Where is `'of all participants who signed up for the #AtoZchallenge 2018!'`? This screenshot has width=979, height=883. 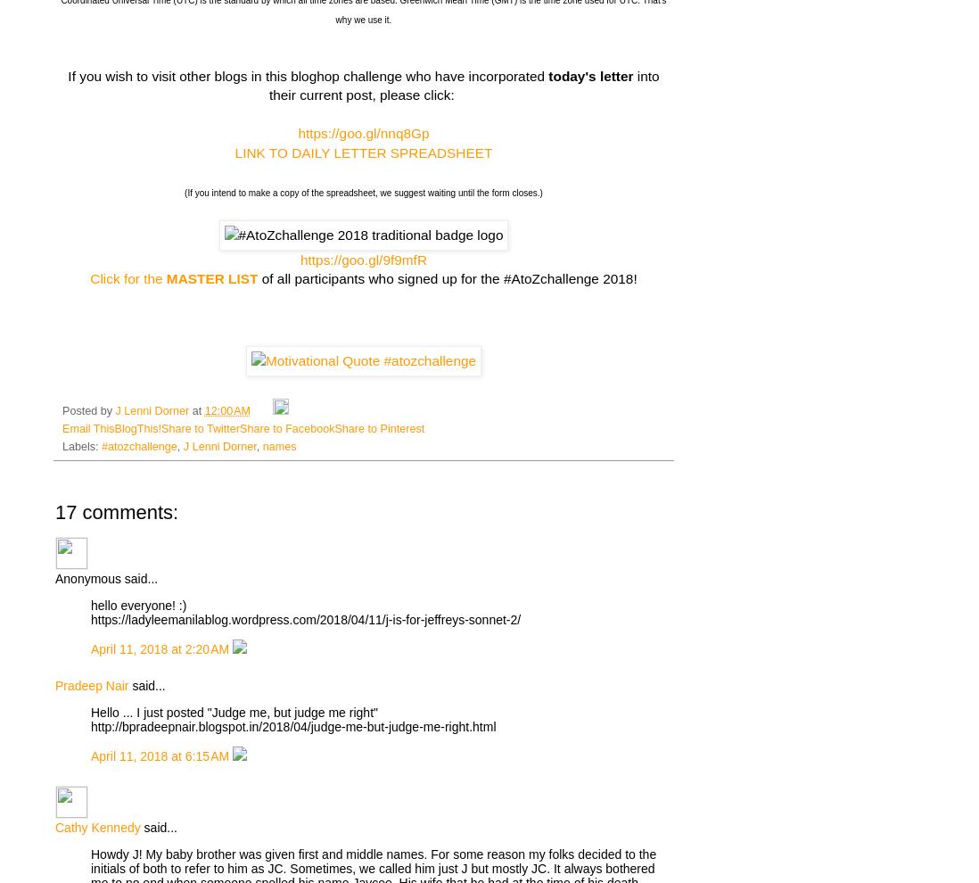
'of all participants who signed up for the #AtoZchallenge 2018!' is located at coordinates (447, 277).